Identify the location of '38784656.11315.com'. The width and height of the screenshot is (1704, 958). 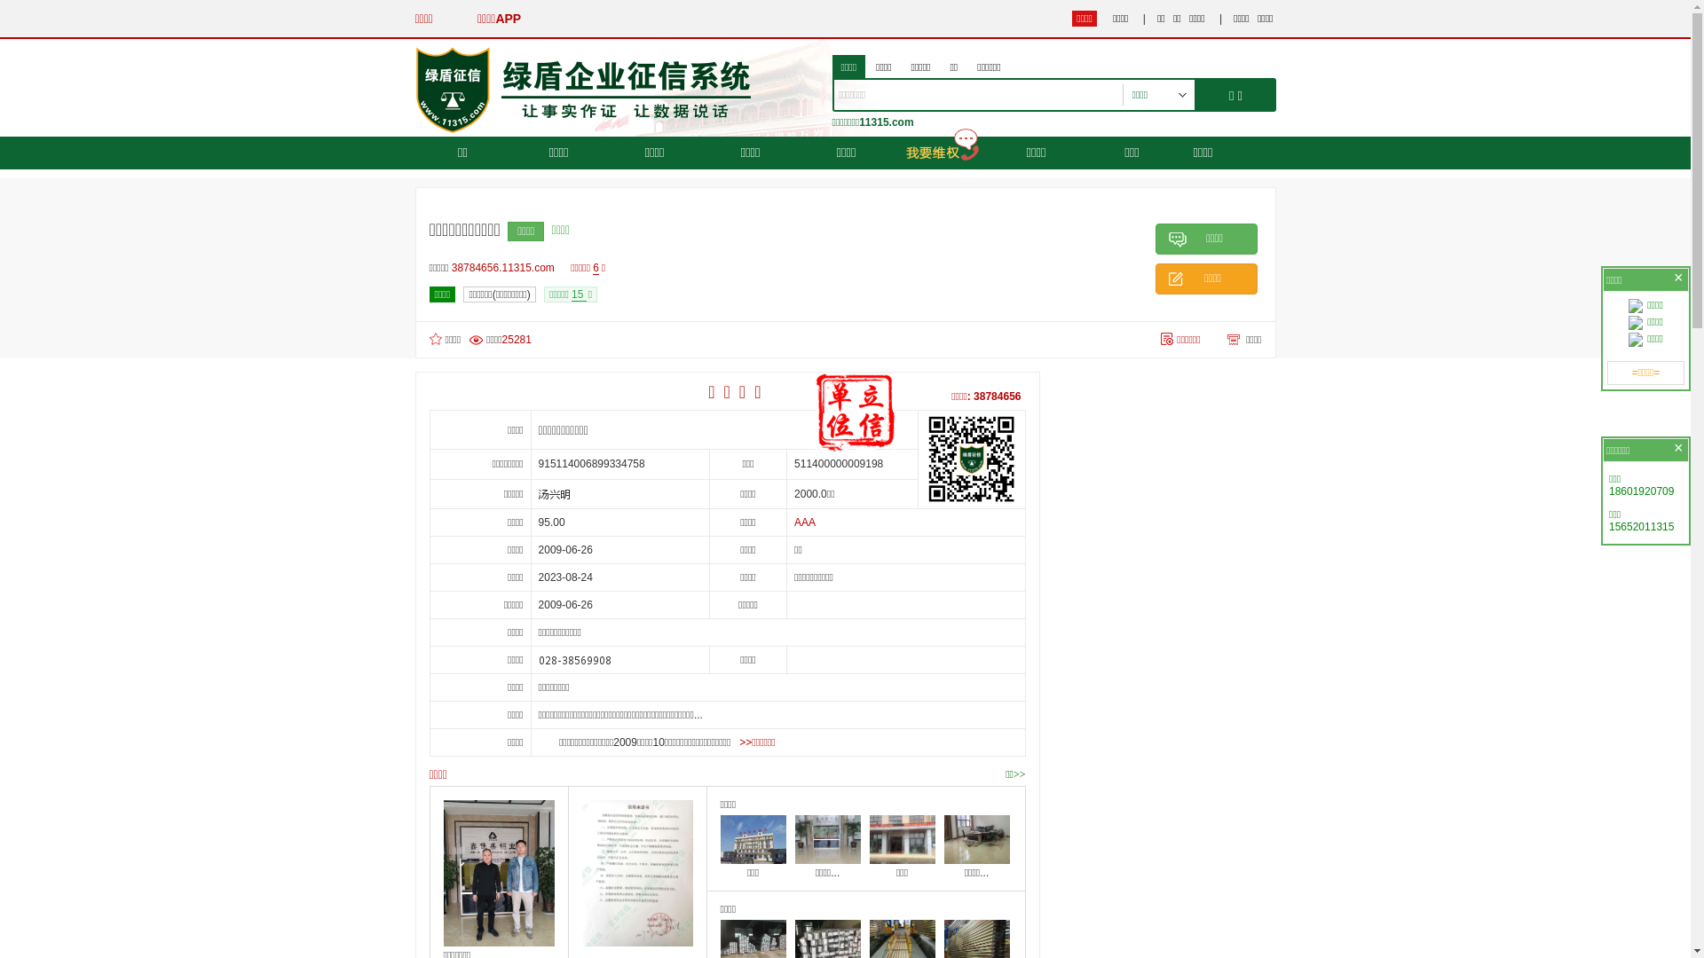
(506, 267).